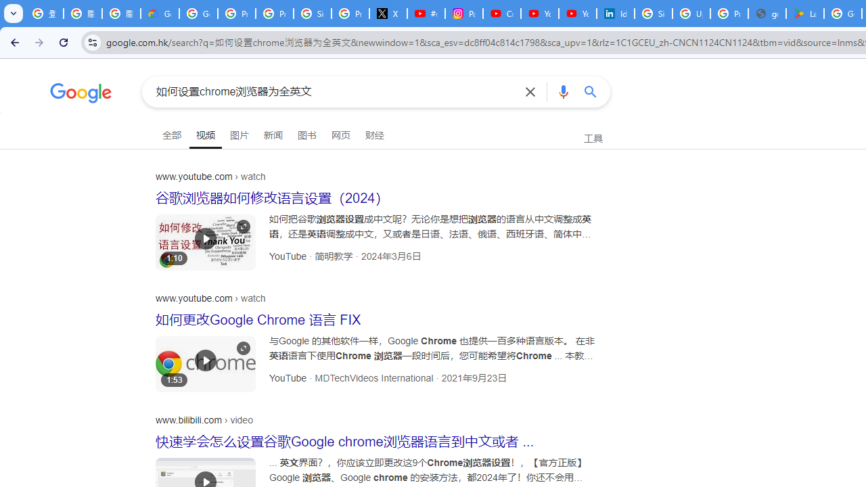  What do you see at coordinates (160, 14) in the screenshot?
I see `'Google Cloud Privacy Notice'` at bounding box center [160, 14].